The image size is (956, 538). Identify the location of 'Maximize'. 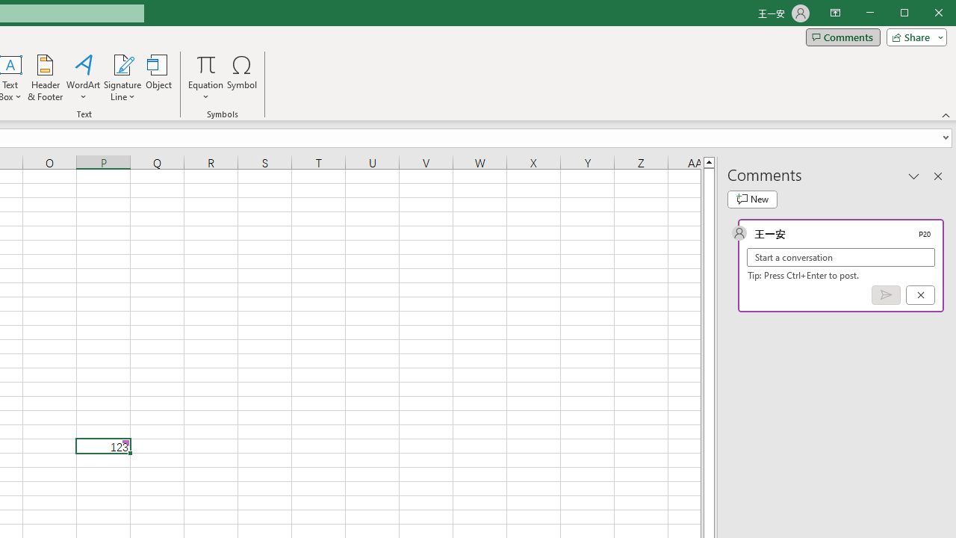
(925, 14).